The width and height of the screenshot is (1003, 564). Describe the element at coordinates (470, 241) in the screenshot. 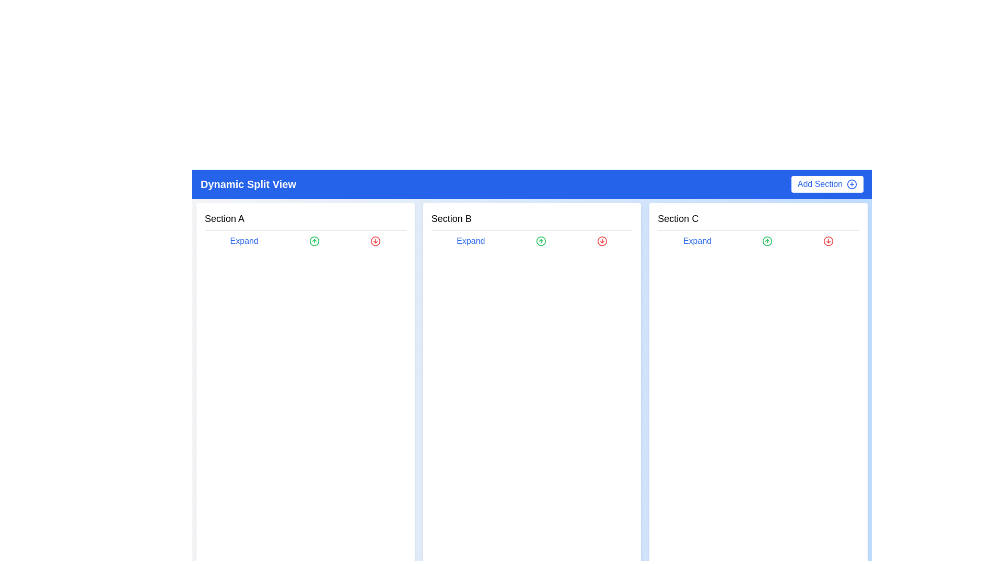

I see `the Text link in 'Section B' of the 'Dynamic Split View' interface` at that location.